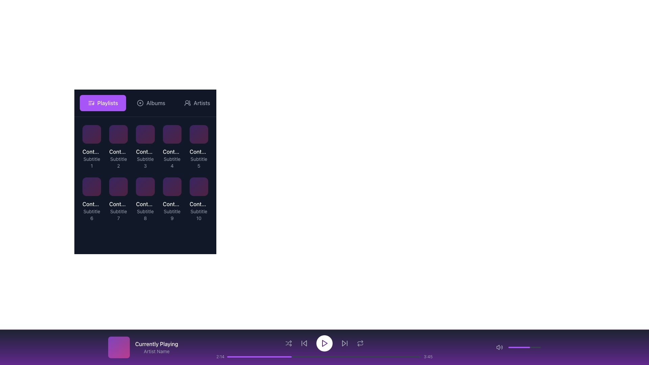 Image resolution: width=649 pixels, height=365 pixels. I want to click on the 'Albums' tab of the Tab Navigation Bar, which is visually distinct with a darker background and lighter text, located at the top of the list view, so click(145, 103).